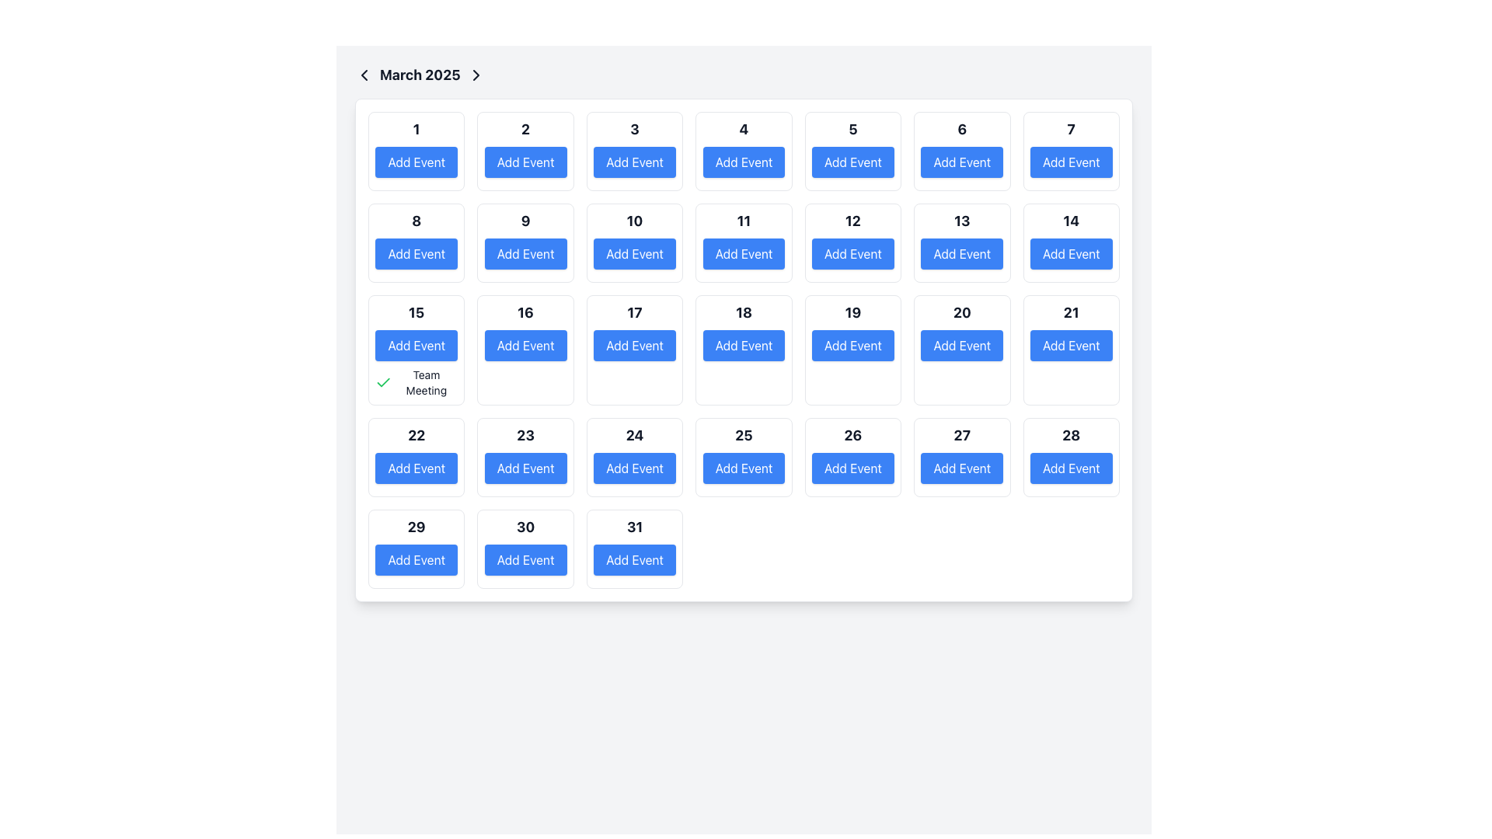 The image size is (1492, 839). What do you see at coordinates (961, 312) in the screenshot?
I see `the text displaying the number '20', which is bold and larger than surrounding text, located in the fourth row and fourth column of the calendar grid, above the 'Add Event' button` at bounding box center [961, 312].